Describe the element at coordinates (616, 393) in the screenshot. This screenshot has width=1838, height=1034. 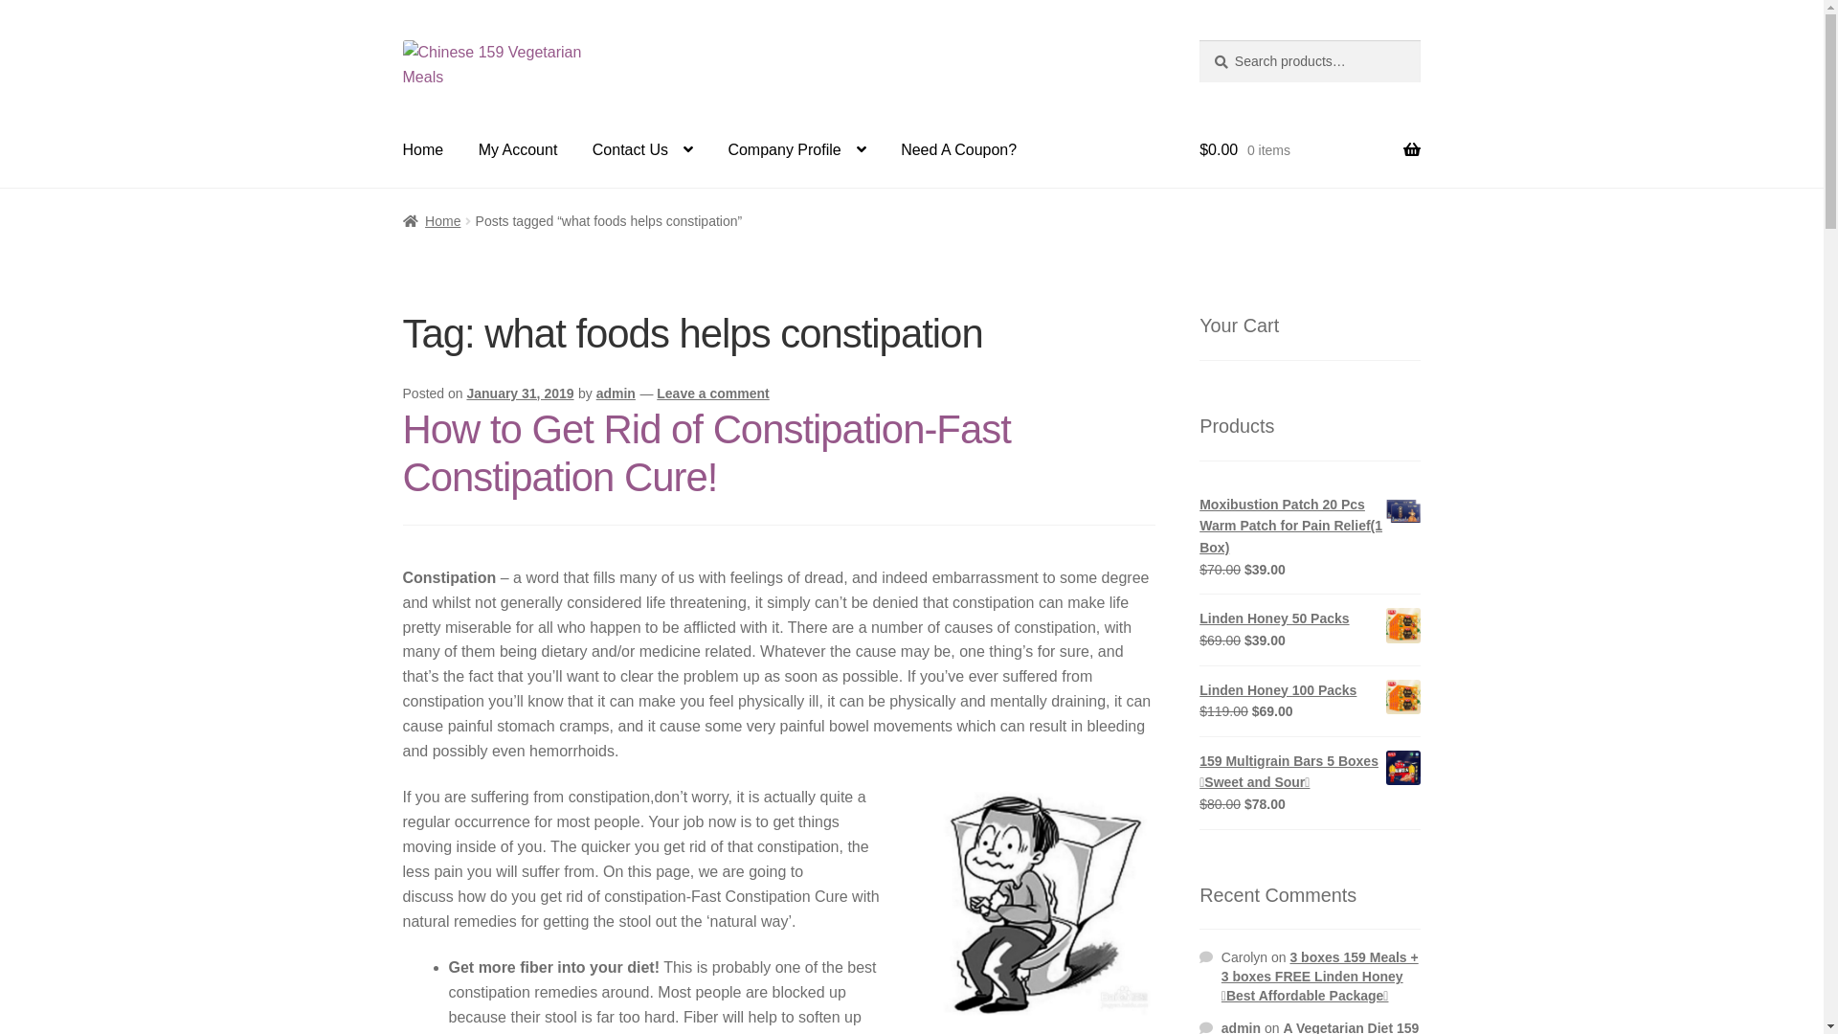
I see `'admin'` at that location.